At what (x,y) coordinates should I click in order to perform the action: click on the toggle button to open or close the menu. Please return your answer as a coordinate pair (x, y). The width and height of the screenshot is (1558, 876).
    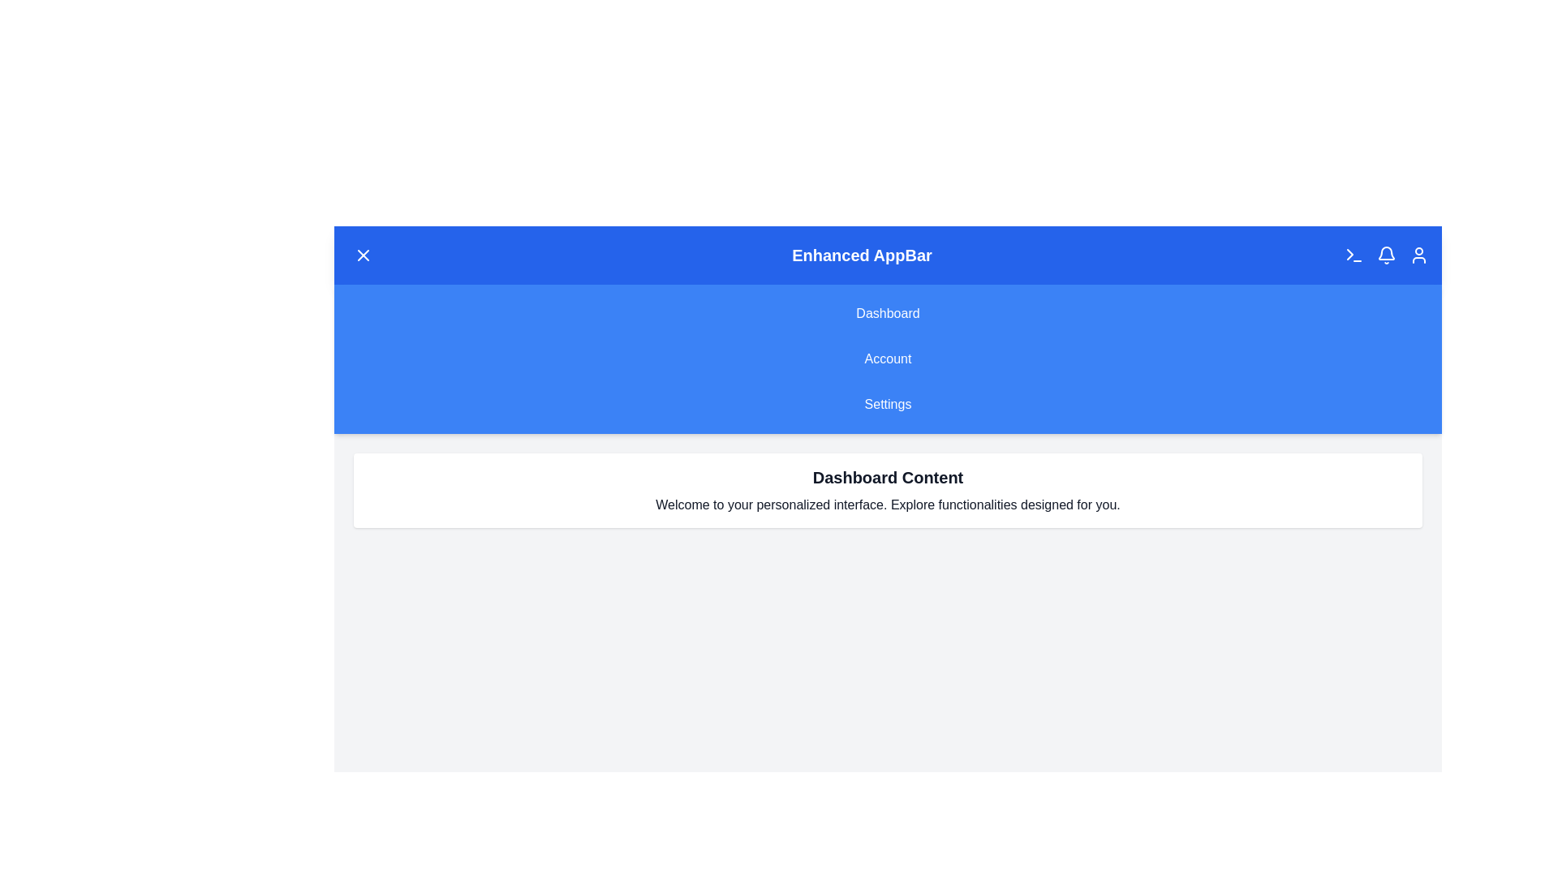
    Looking at the image, I should click on (362, 255).